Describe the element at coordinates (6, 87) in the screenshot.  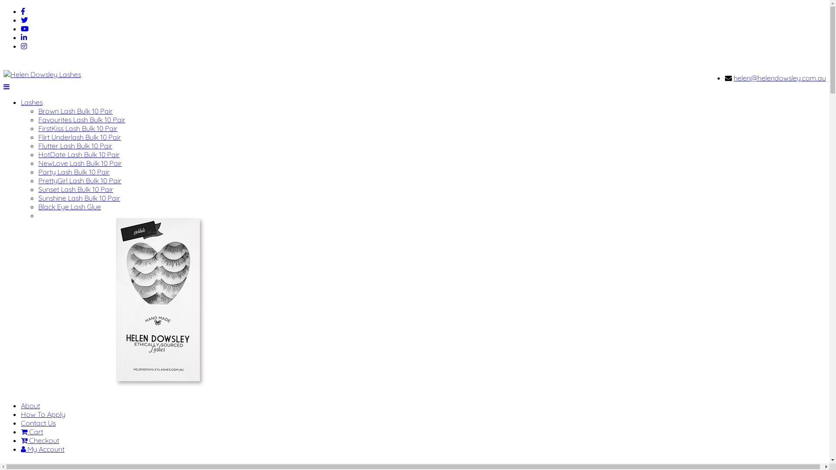
I see `'Navigation'` at that location.